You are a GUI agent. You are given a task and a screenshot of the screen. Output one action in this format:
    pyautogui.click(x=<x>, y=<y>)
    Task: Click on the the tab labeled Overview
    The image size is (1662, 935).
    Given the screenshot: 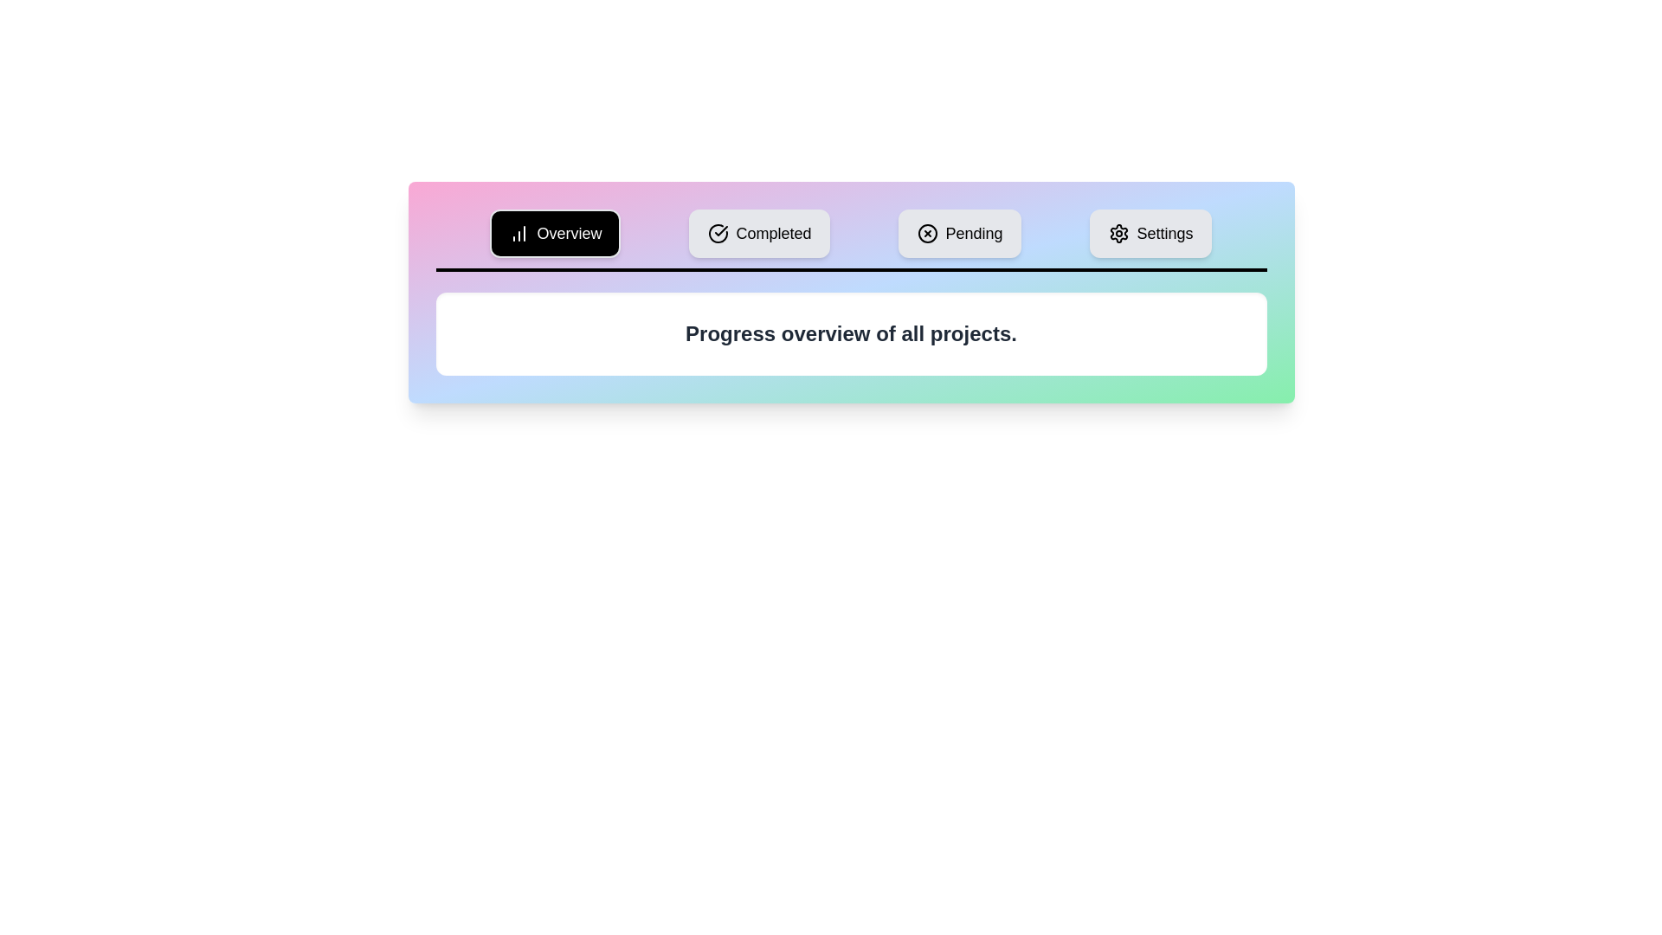 What is the action you would take?
    pyautogui.click(x=556, y=234)
    